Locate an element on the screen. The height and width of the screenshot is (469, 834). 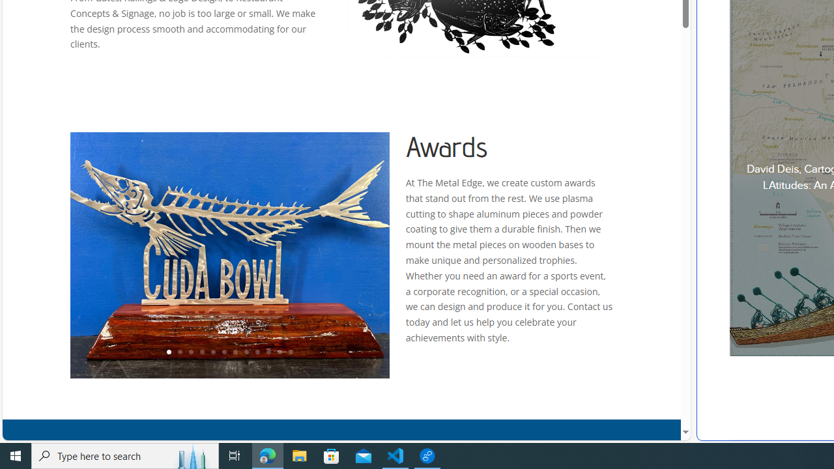
'8' is located at coordinates (246, 352).